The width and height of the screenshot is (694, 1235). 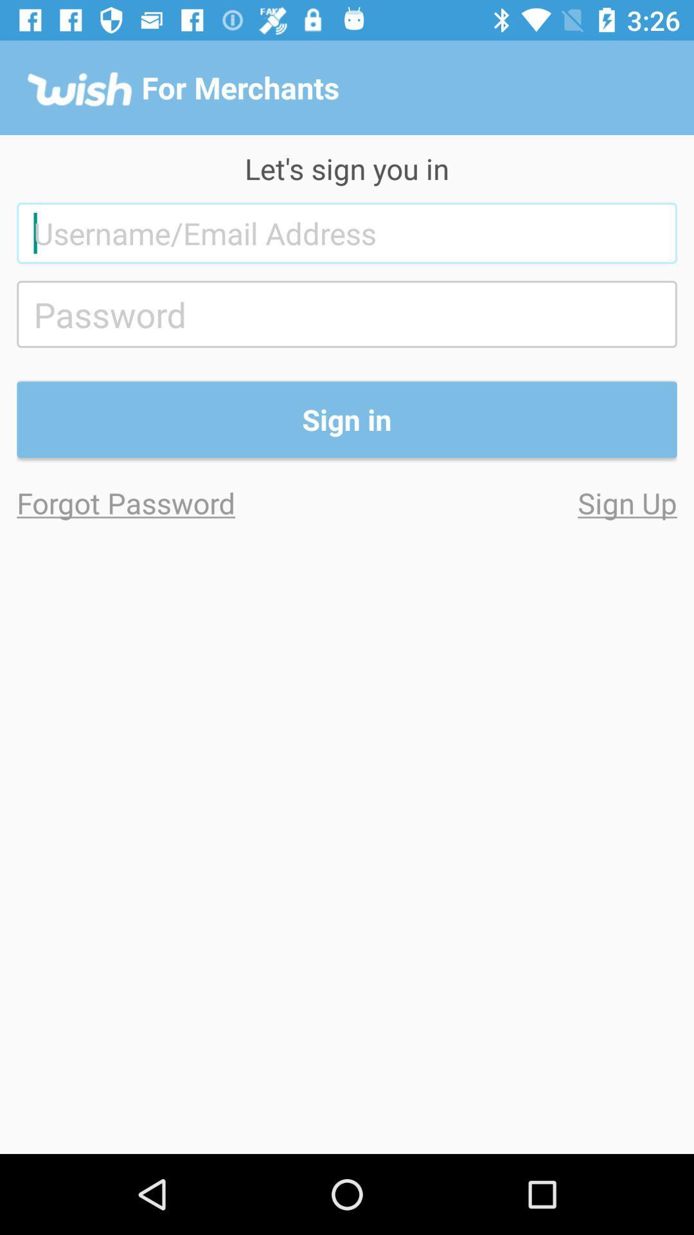 I want to click on icon to the right of forgot password, so click(x=511, y=502).